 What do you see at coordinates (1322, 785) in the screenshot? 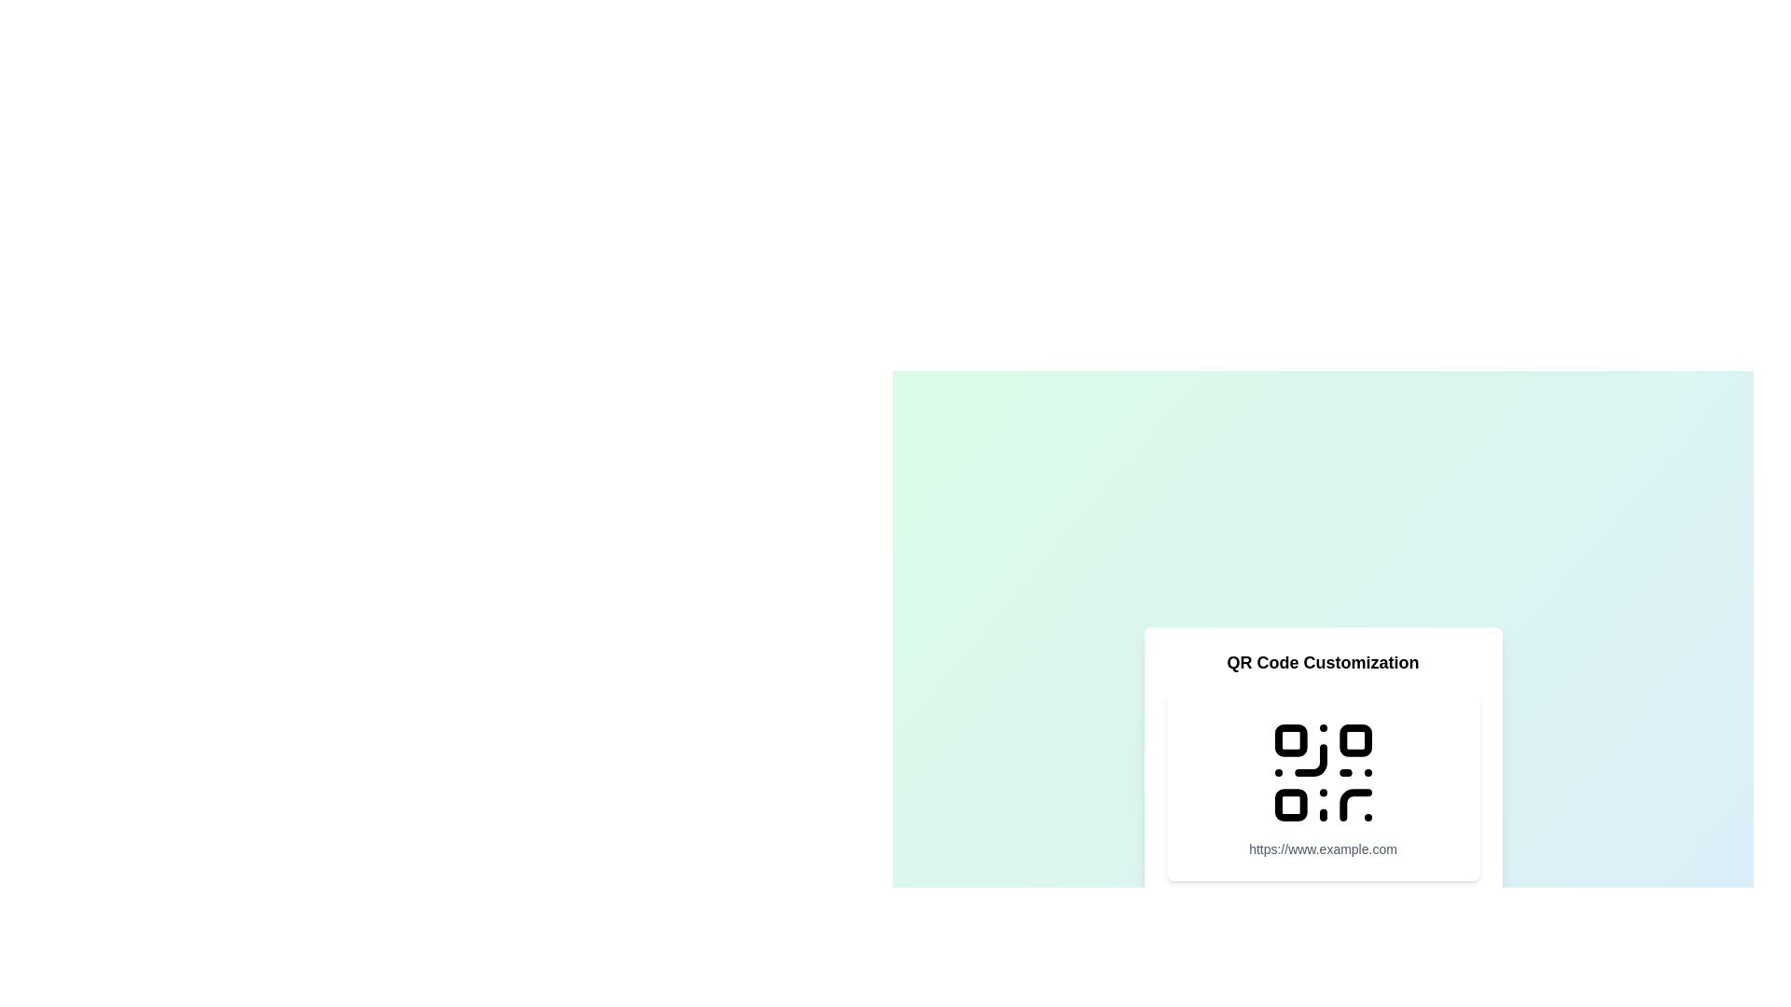
I see `the QR code located in the white rectangular card with rounded corners, which displays a QR code centered above the text link 'https://www.example.com'` at bounding box center [1322, 785].